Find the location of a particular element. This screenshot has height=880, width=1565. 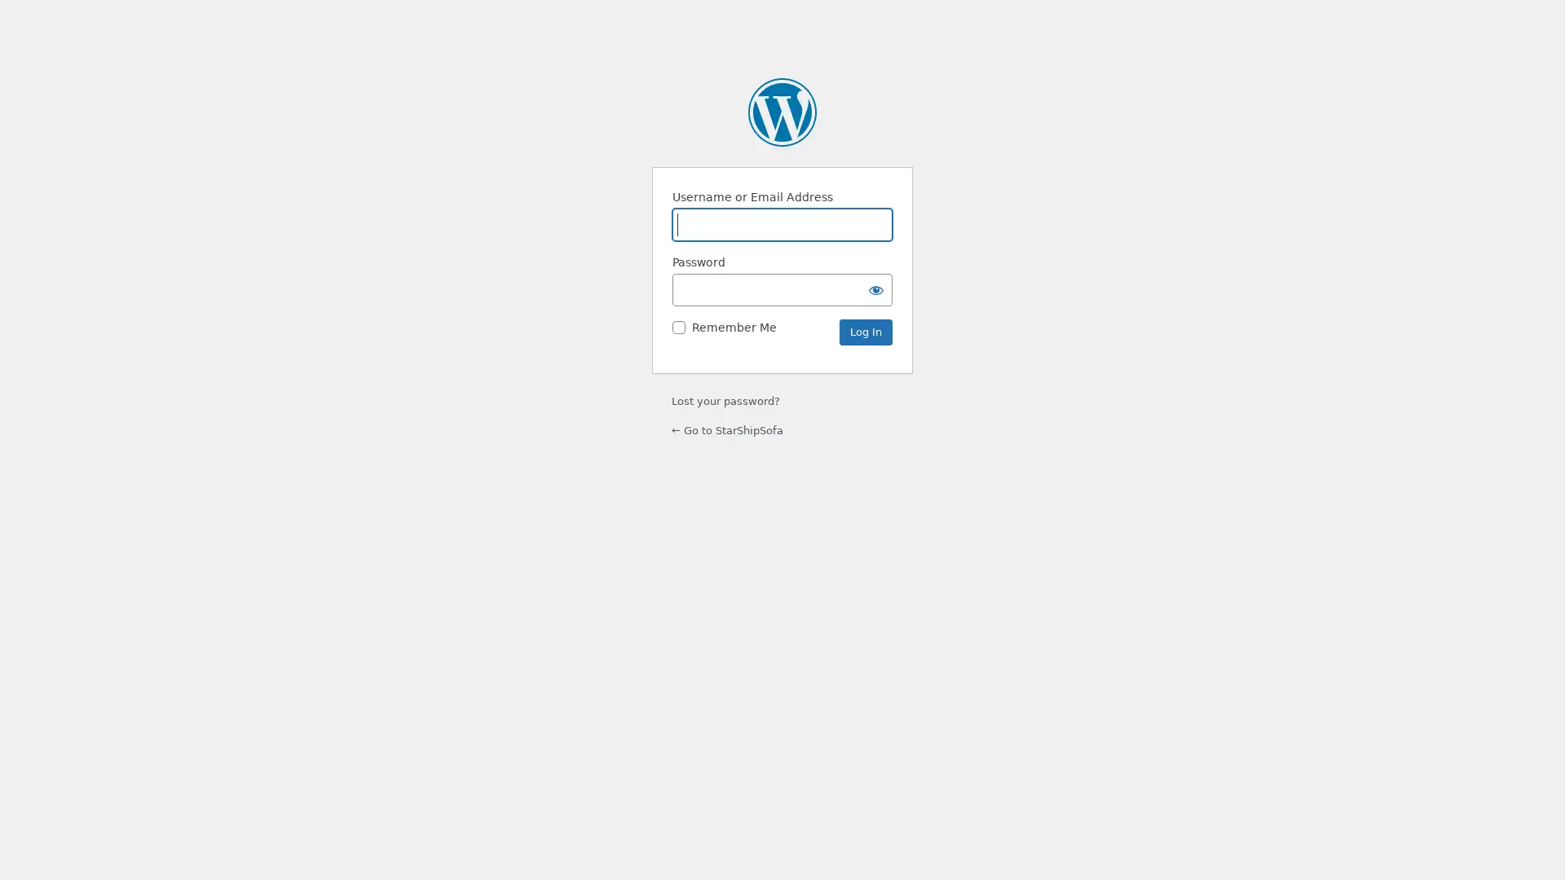

Show password is located at coordinates (875, 288).